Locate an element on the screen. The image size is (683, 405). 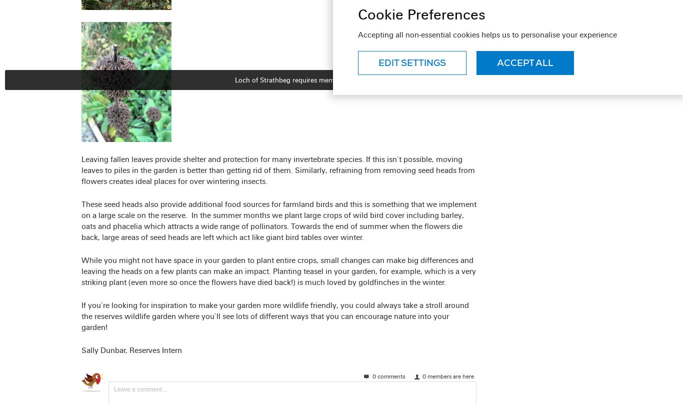
'0 comments' is located at coordinates (370, 375).